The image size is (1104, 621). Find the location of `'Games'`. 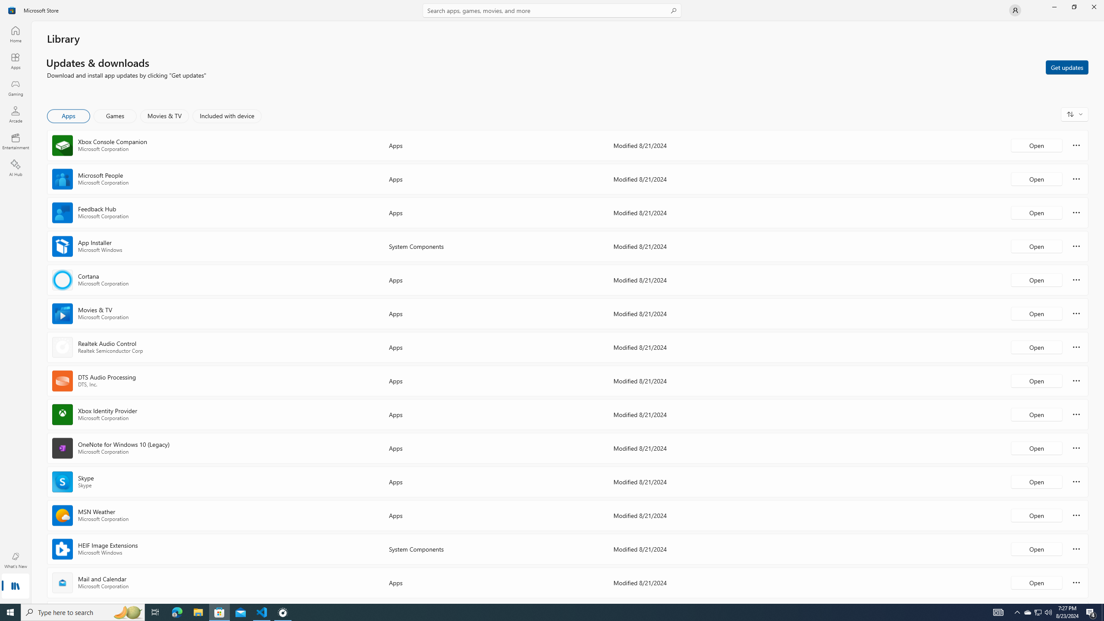

'Games' is located at coordinates (115, 116).